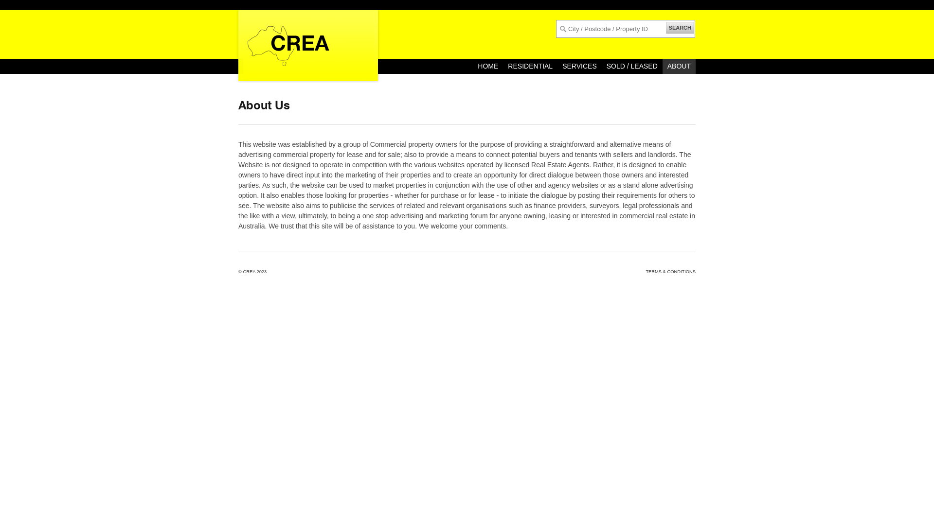 Image resolution: width=934 pixels, height=525 pixels. I want to click on 'Search', so click(21, 8).